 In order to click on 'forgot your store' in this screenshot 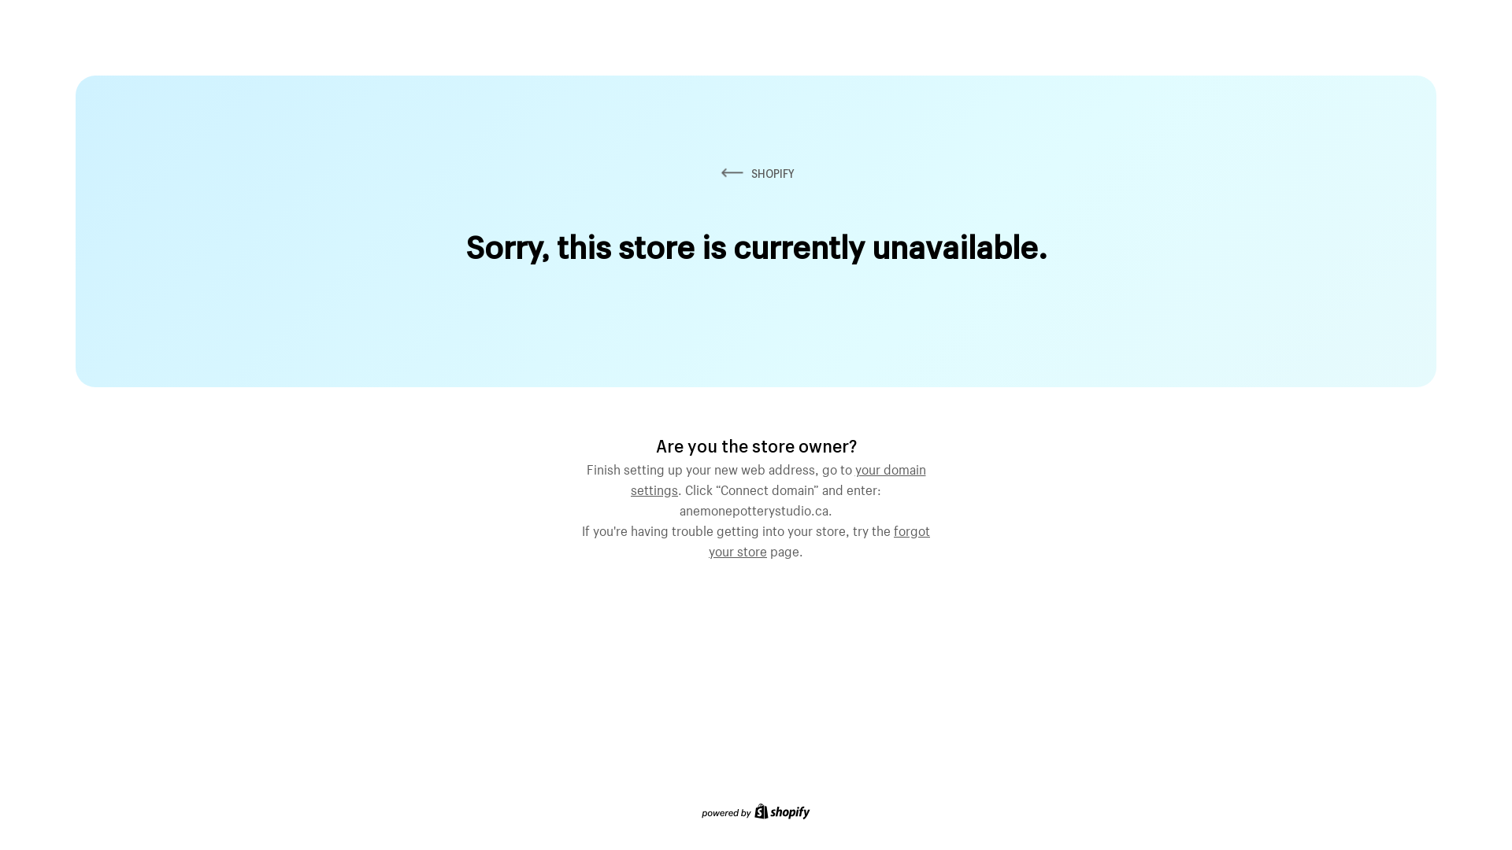, I will do `click(819, 538)`.